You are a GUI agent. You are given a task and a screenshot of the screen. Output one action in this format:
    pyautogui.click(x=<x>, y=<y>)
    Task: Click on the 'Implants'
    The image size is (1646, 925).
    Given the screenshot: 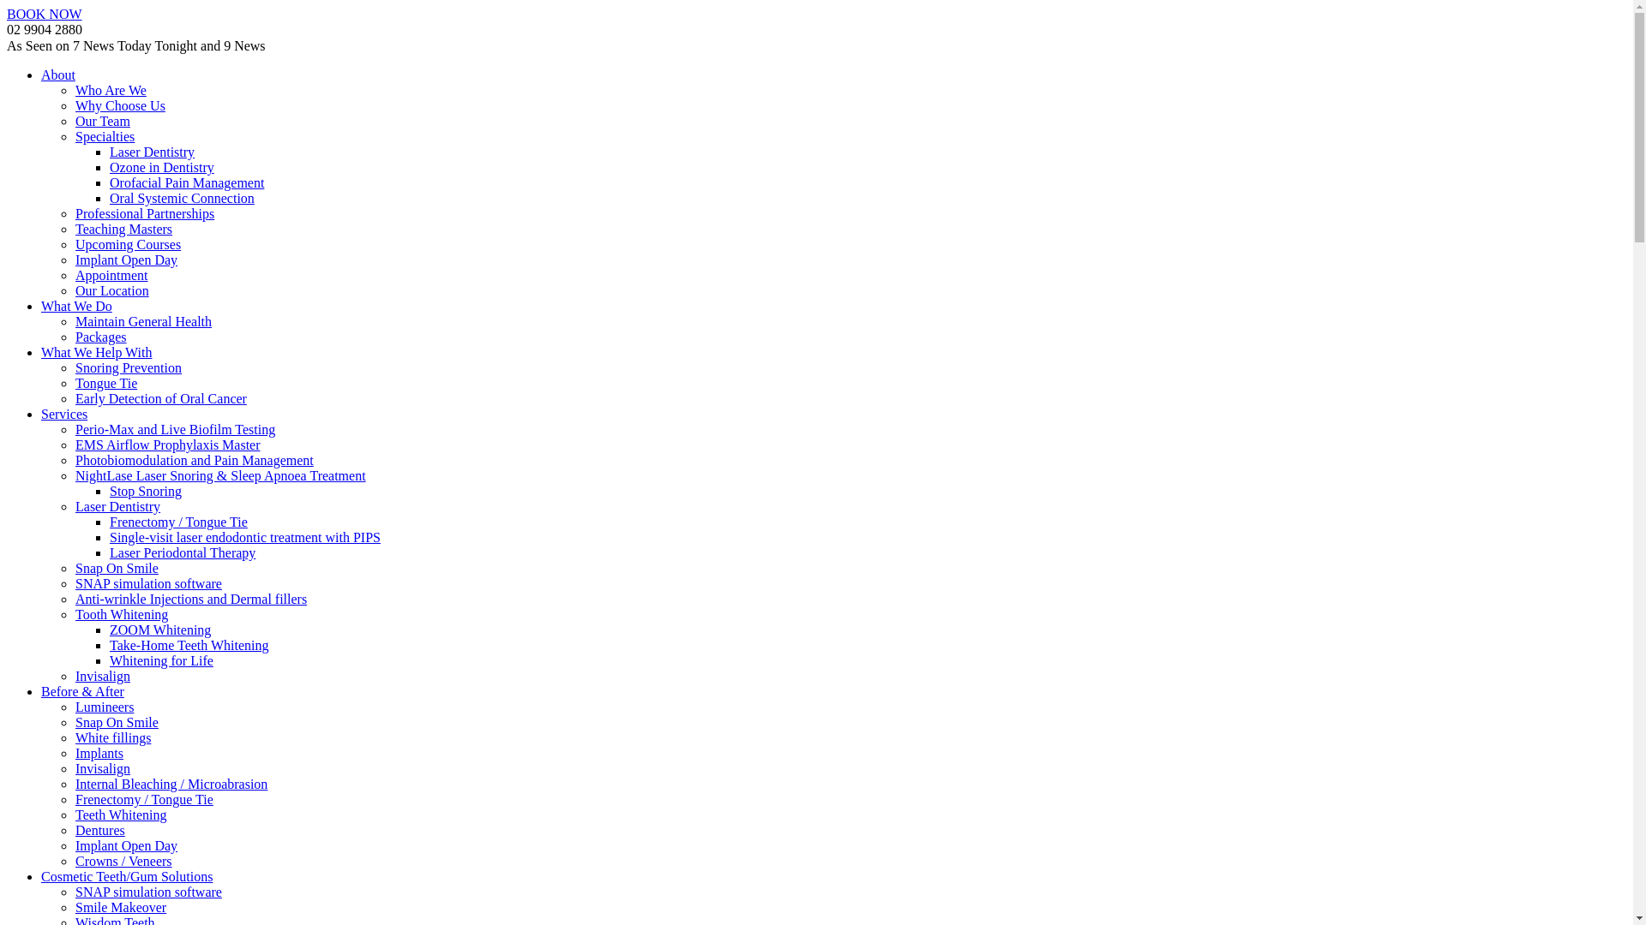 What is the action you would take?
    pyautogui.click(x=98, y=752)
    